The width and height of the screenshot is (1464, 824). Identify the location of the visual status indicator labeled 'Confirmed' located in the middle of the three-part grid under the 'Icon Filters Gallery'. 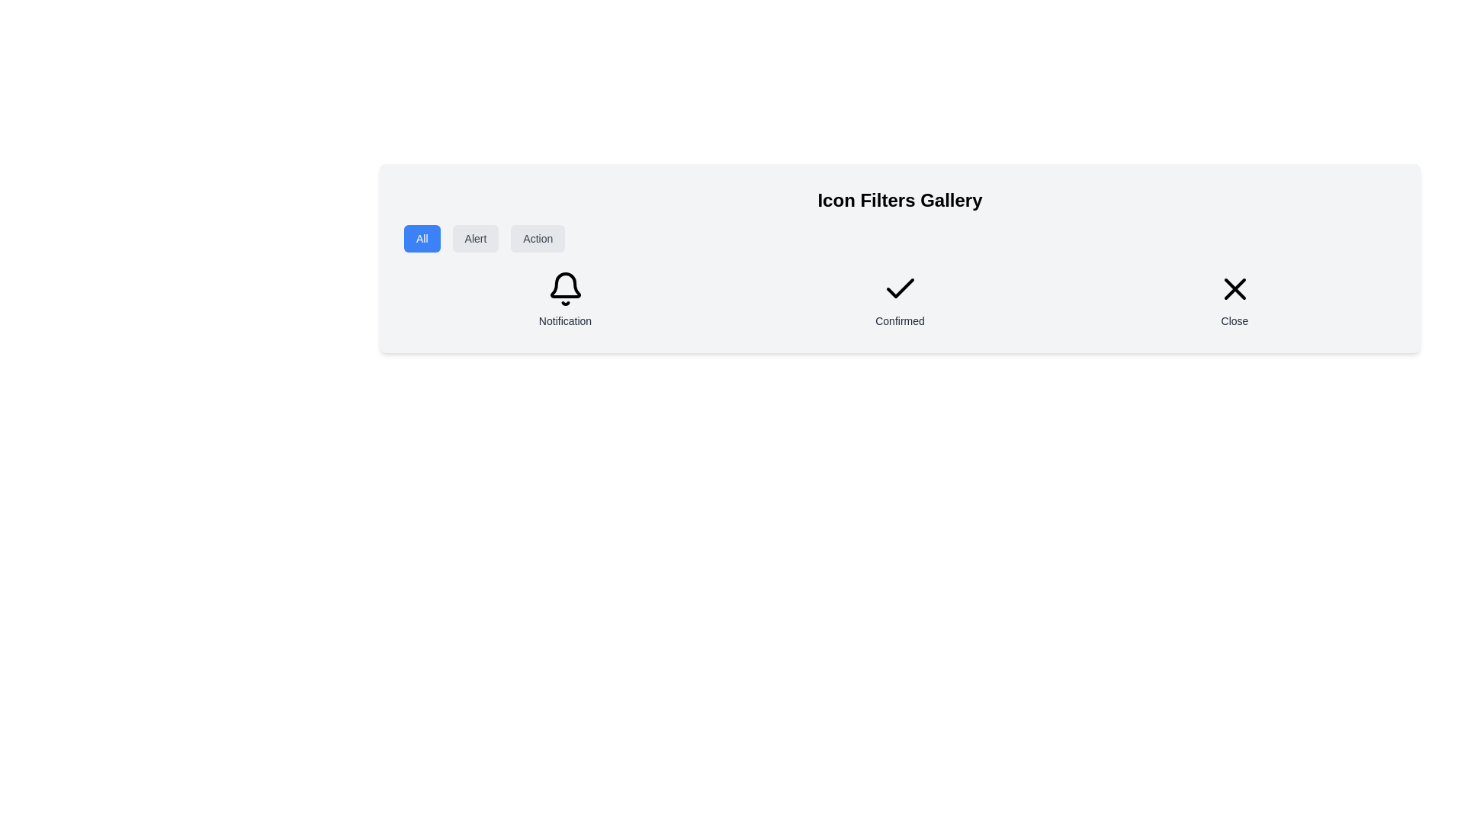
(900, 300).